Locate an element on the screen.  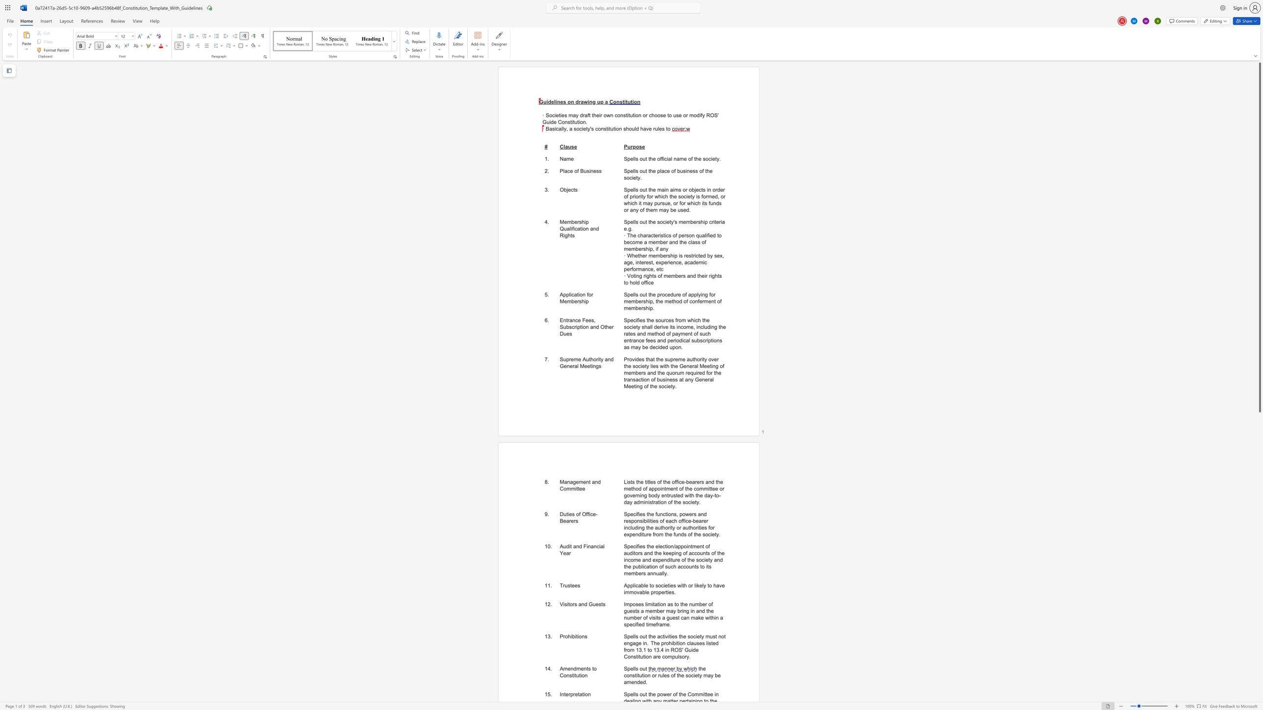
the subset text "cable to societies wit" within the text "Applicable to societies with or likely to have immovable properties." is located at coordinates (635, 585).